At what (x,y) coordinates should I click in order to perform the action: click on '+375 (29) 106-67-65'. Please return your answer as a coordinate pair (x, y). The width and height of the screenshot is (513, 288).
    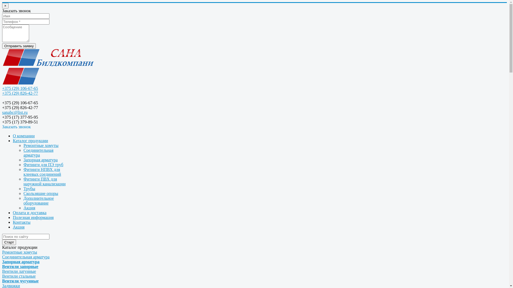
    Looking at the image, I should click on (20, 88).